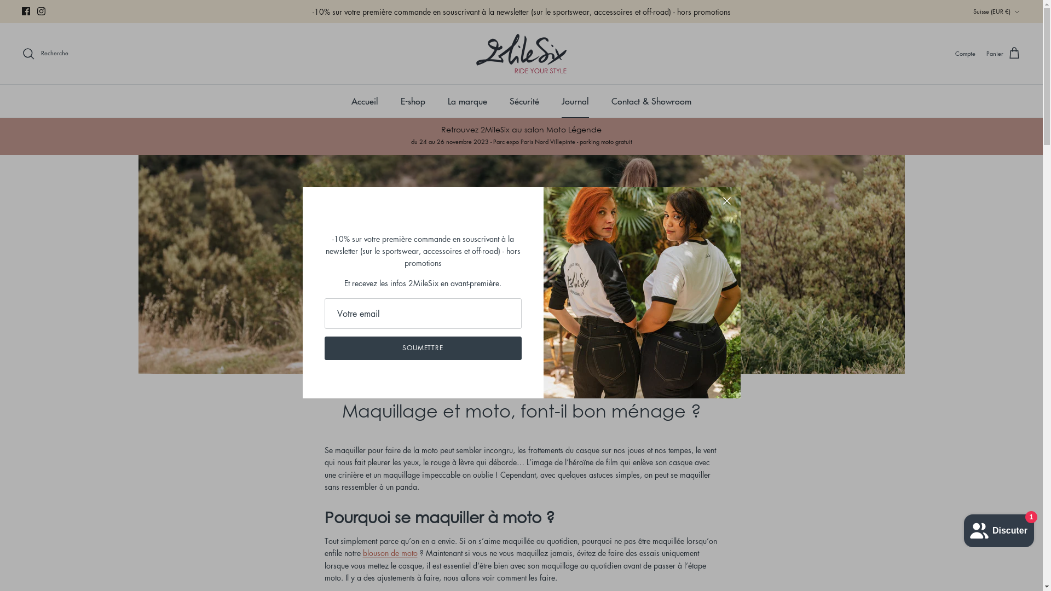 The width and height of the screenshot is (1051, 591). What do you see at coordinates (955, 53) in the screenshot?
I see `'Compte'` at bounding box center [955, 53].